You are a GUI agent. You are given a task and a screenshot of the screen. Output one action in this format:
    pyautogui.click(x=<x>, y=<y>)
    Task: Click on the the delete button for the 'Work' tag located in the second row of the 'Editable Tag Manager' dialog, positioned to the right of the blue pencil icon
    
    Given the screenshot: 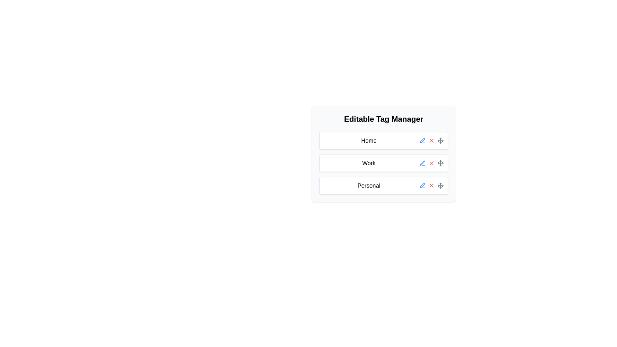 What is the action you would take?
    pyautogui.click(x=432, y=163)
    